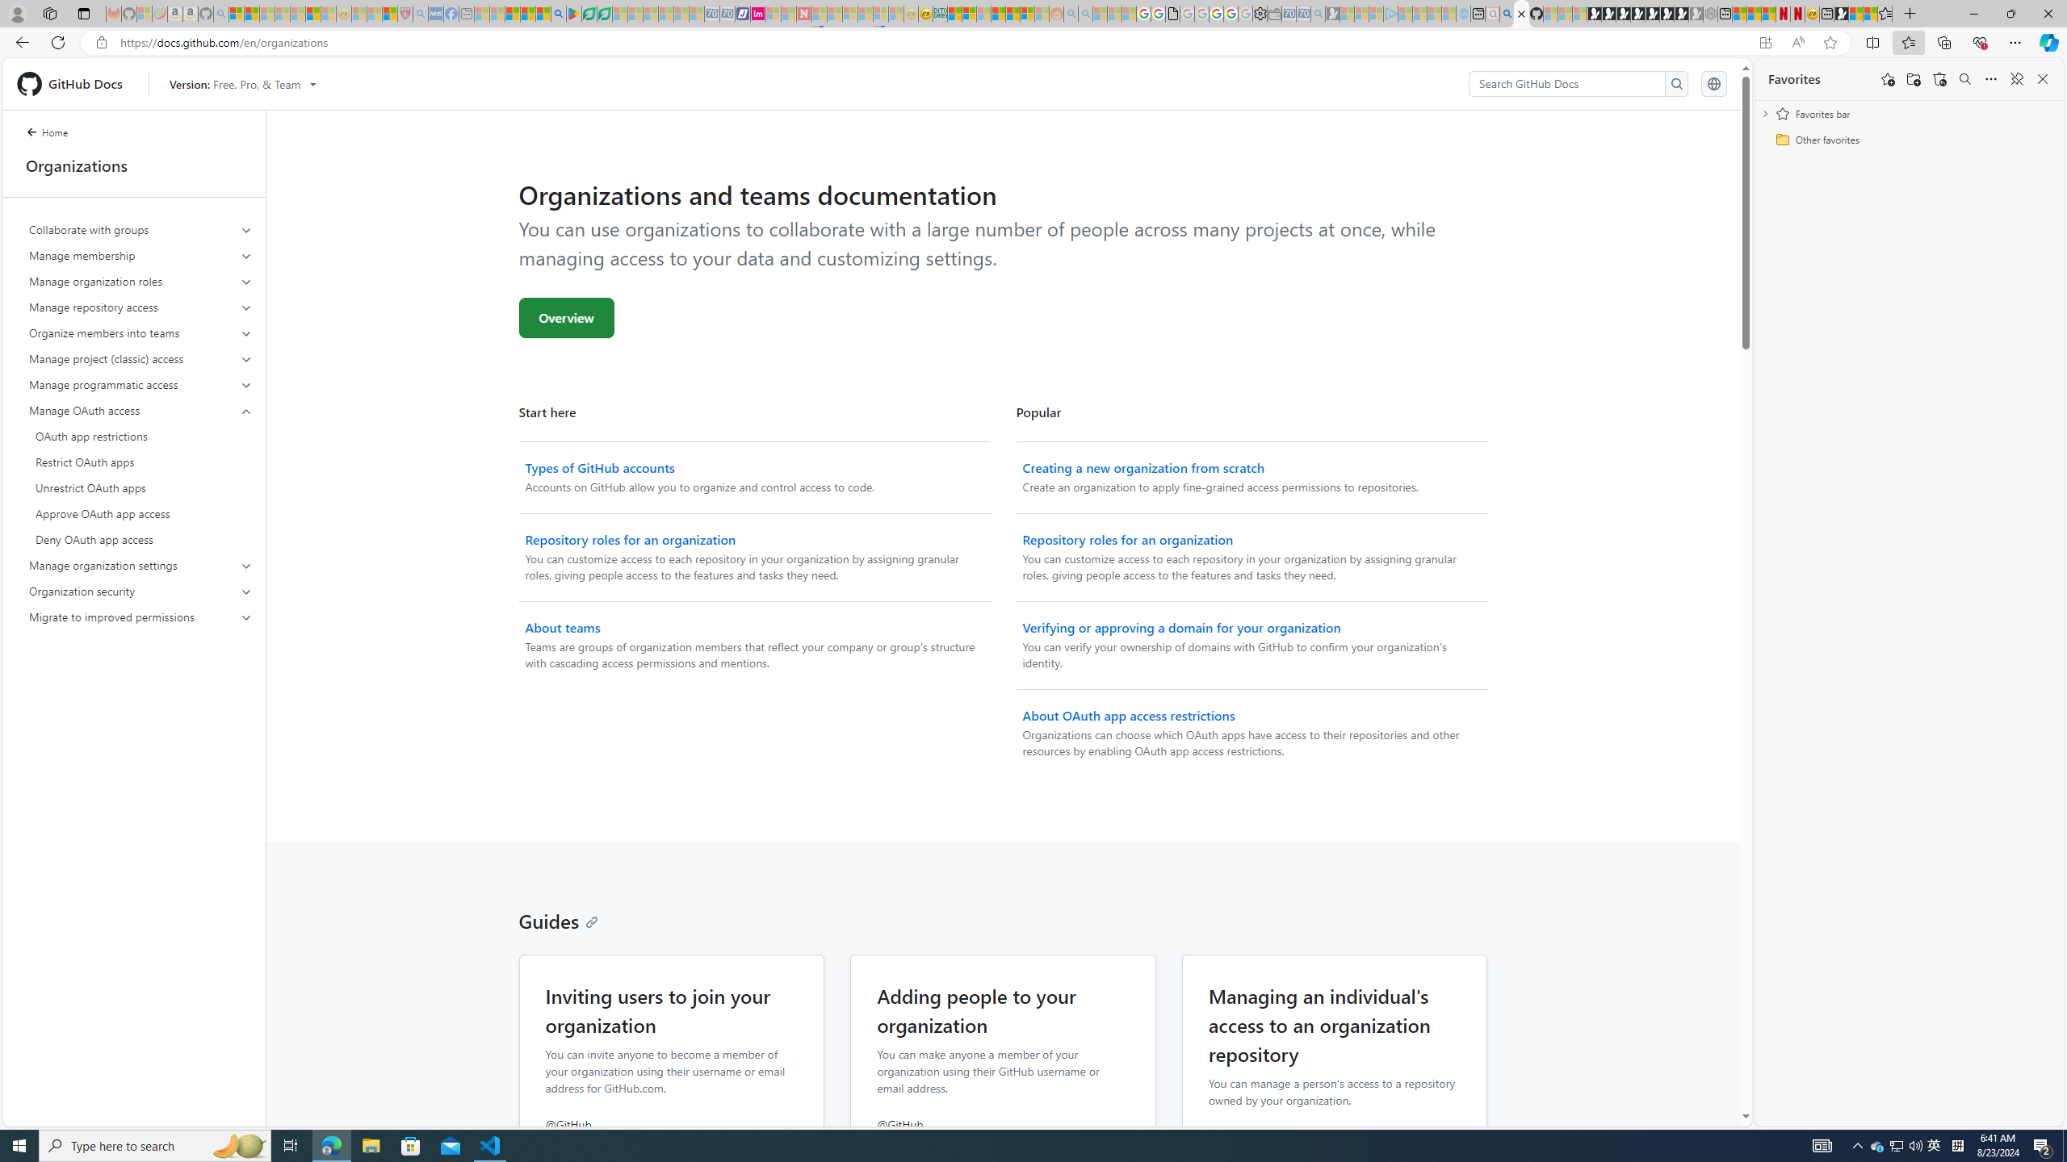 The width and height of the screenshot is (2067, 1162). I want to click on 'Bluey: Let', so click(573, 13).